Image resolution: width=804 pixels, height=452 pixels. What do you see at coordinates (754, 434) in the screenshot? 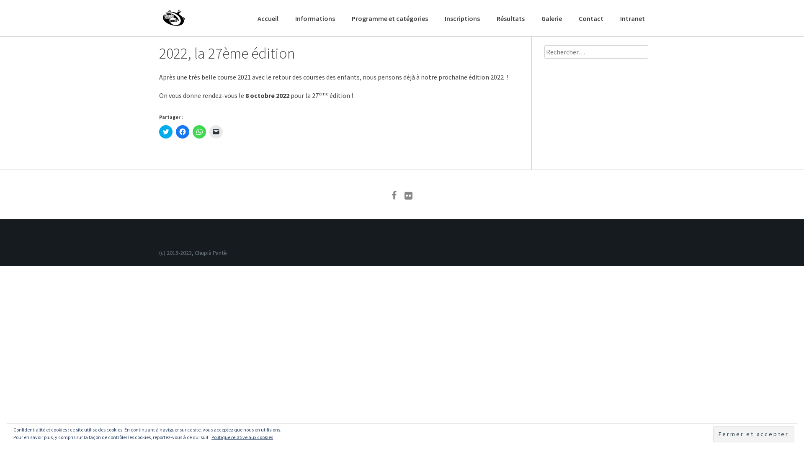
I see `'Fermer et accepter'` at bounding box center [754, 434].